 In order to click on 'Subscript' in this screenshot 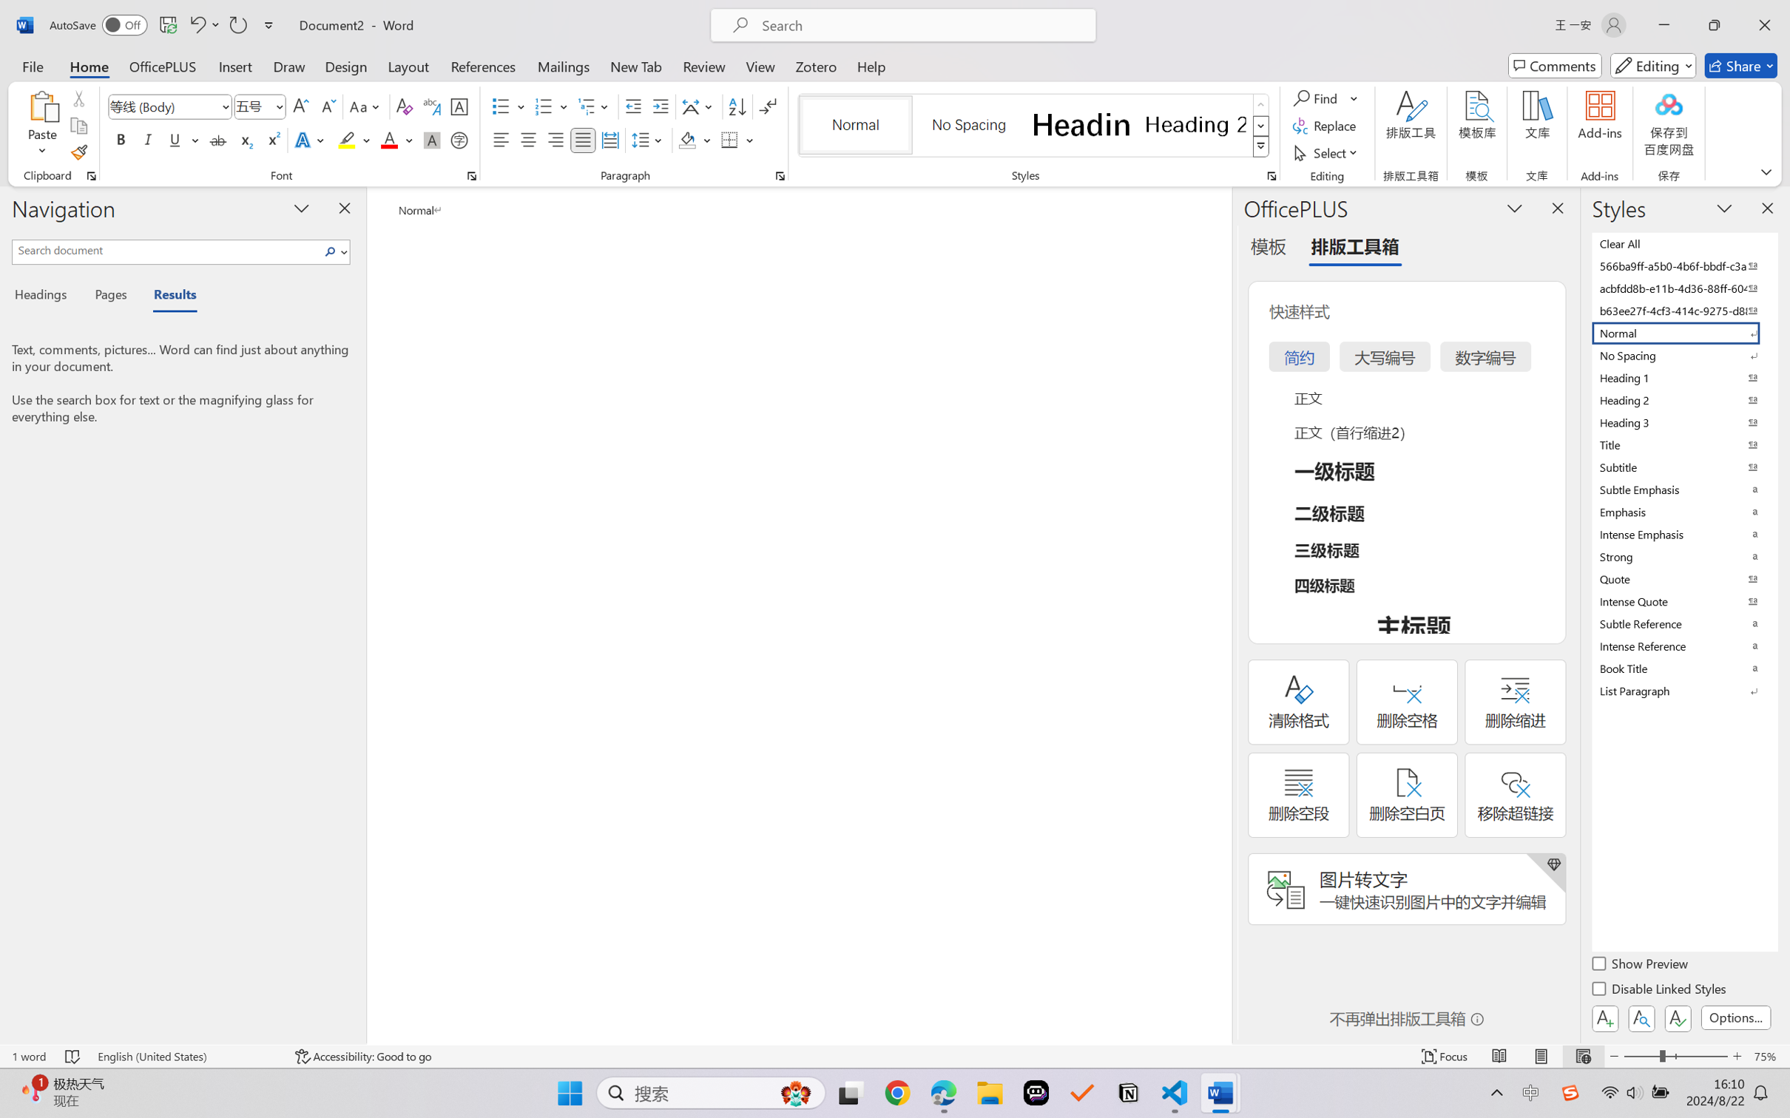, I will do `click(244, 139)`.